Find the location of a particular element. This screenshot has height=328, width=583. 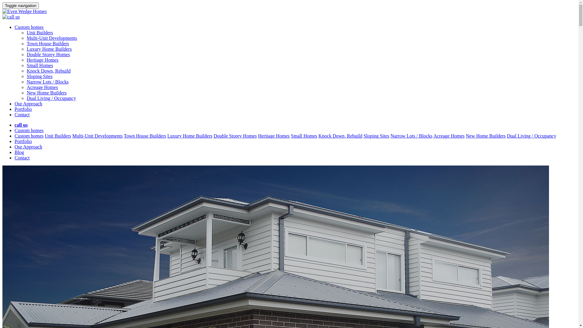

'Small Homes' is located at coordinates (291, 135).